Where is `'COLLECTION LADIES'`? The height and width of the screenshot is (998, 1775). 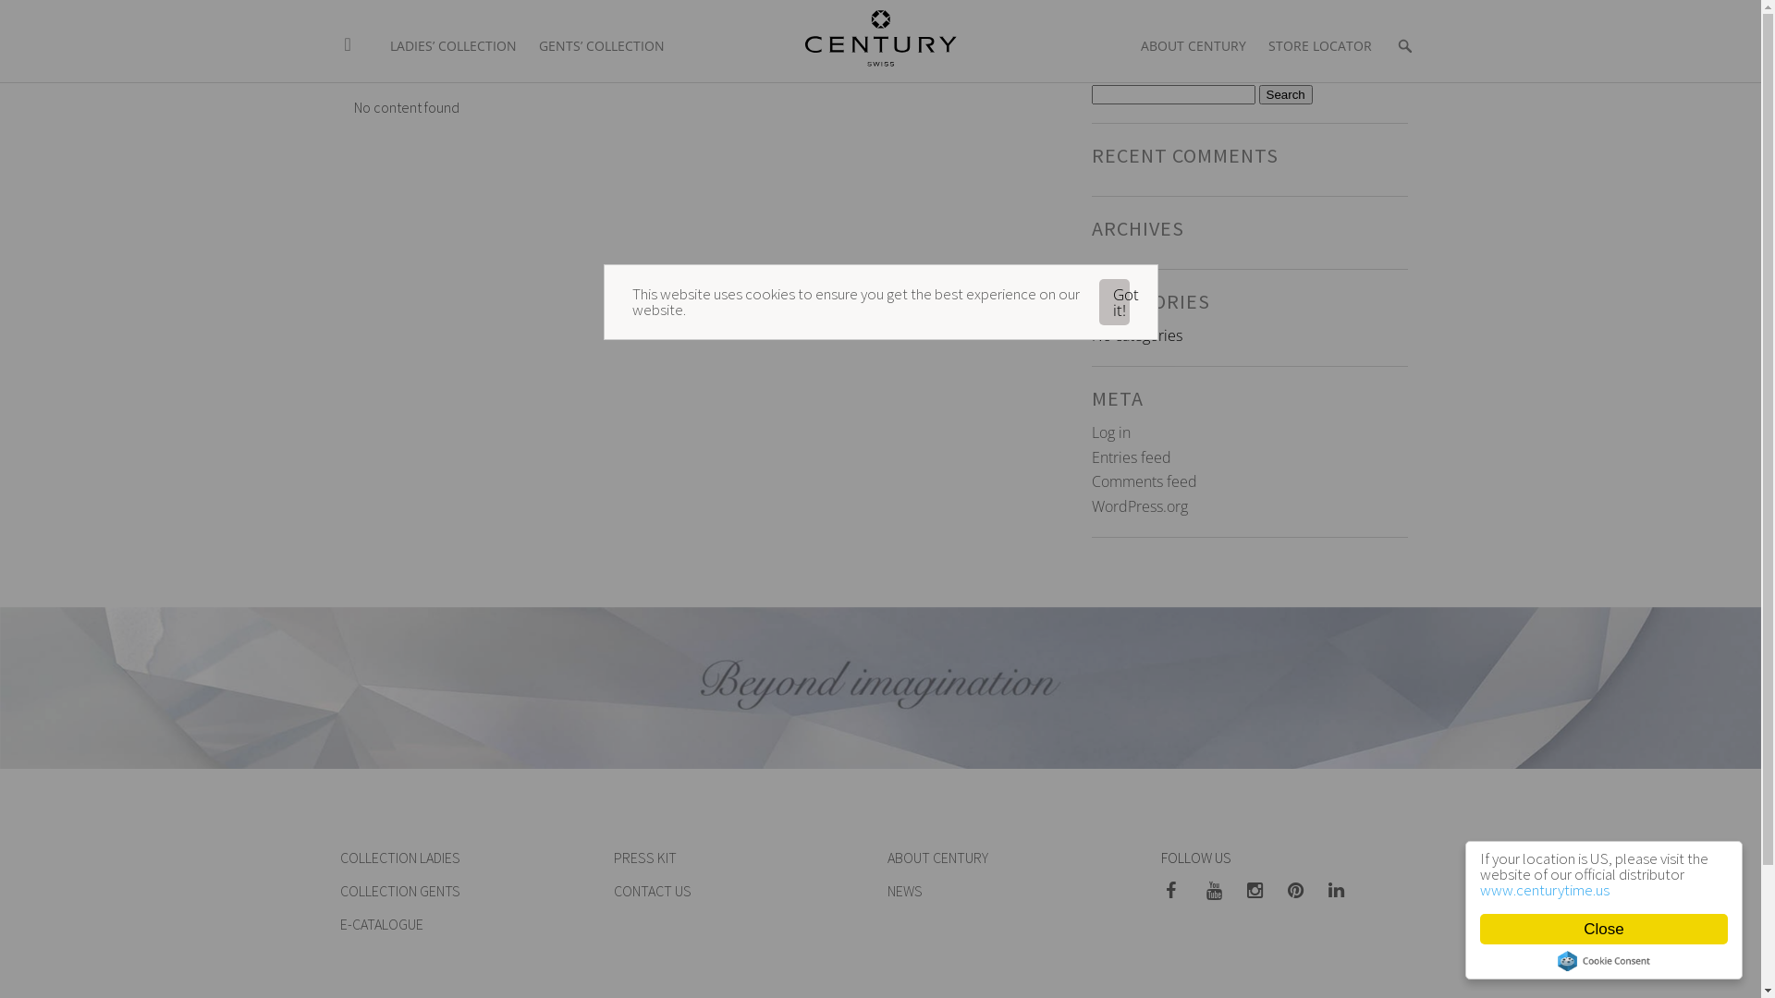 'COLLECTION LADIES' is located at coordinates (398, 858).